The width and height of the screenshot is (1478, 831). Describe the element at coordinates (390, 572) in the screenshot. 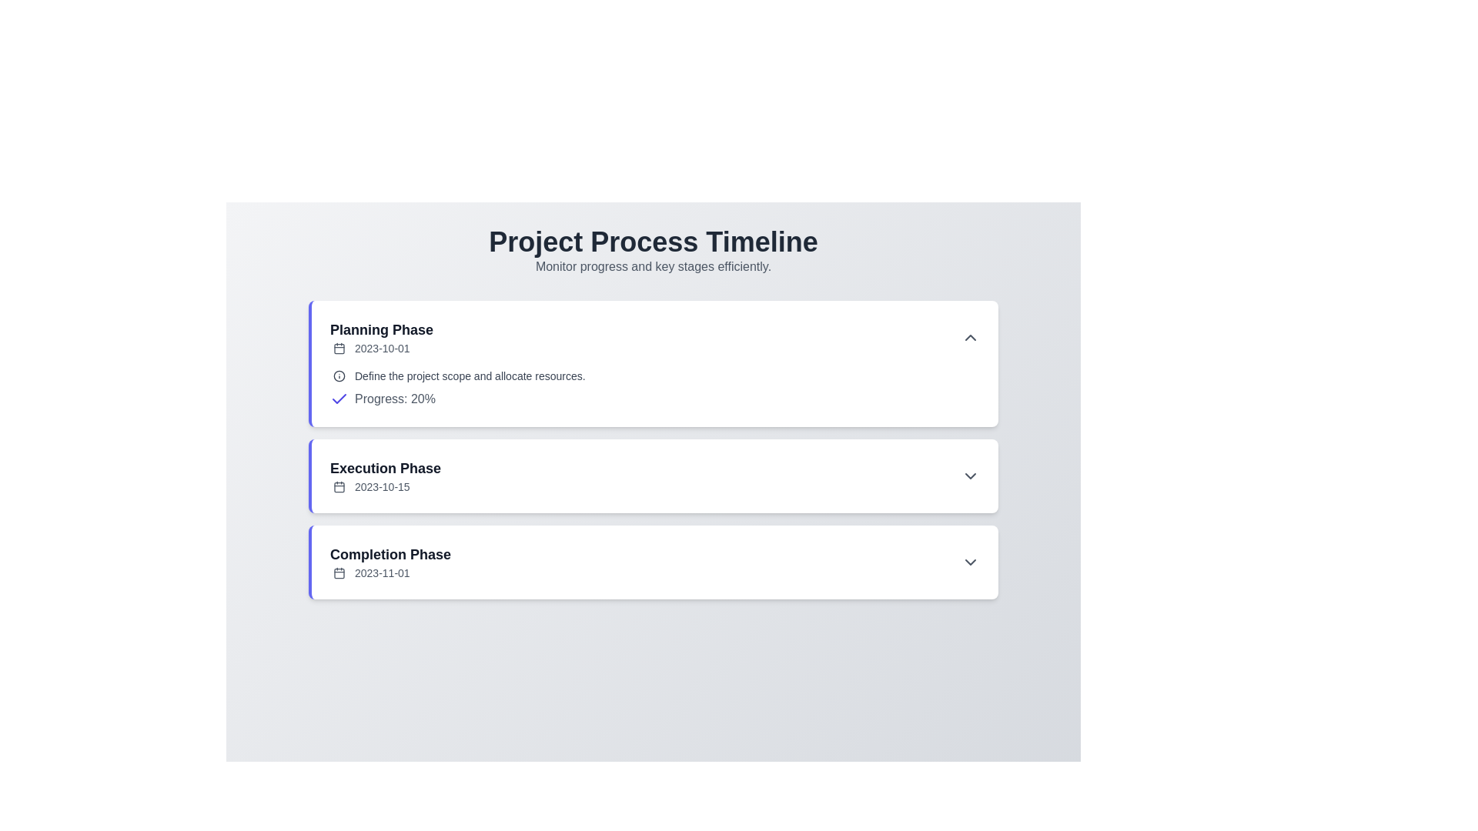

I see `text indicating the date related to the 'Completion Phase' milestone, located below the title text 'Completion Phase' and alongside the calendar icon` at that location.